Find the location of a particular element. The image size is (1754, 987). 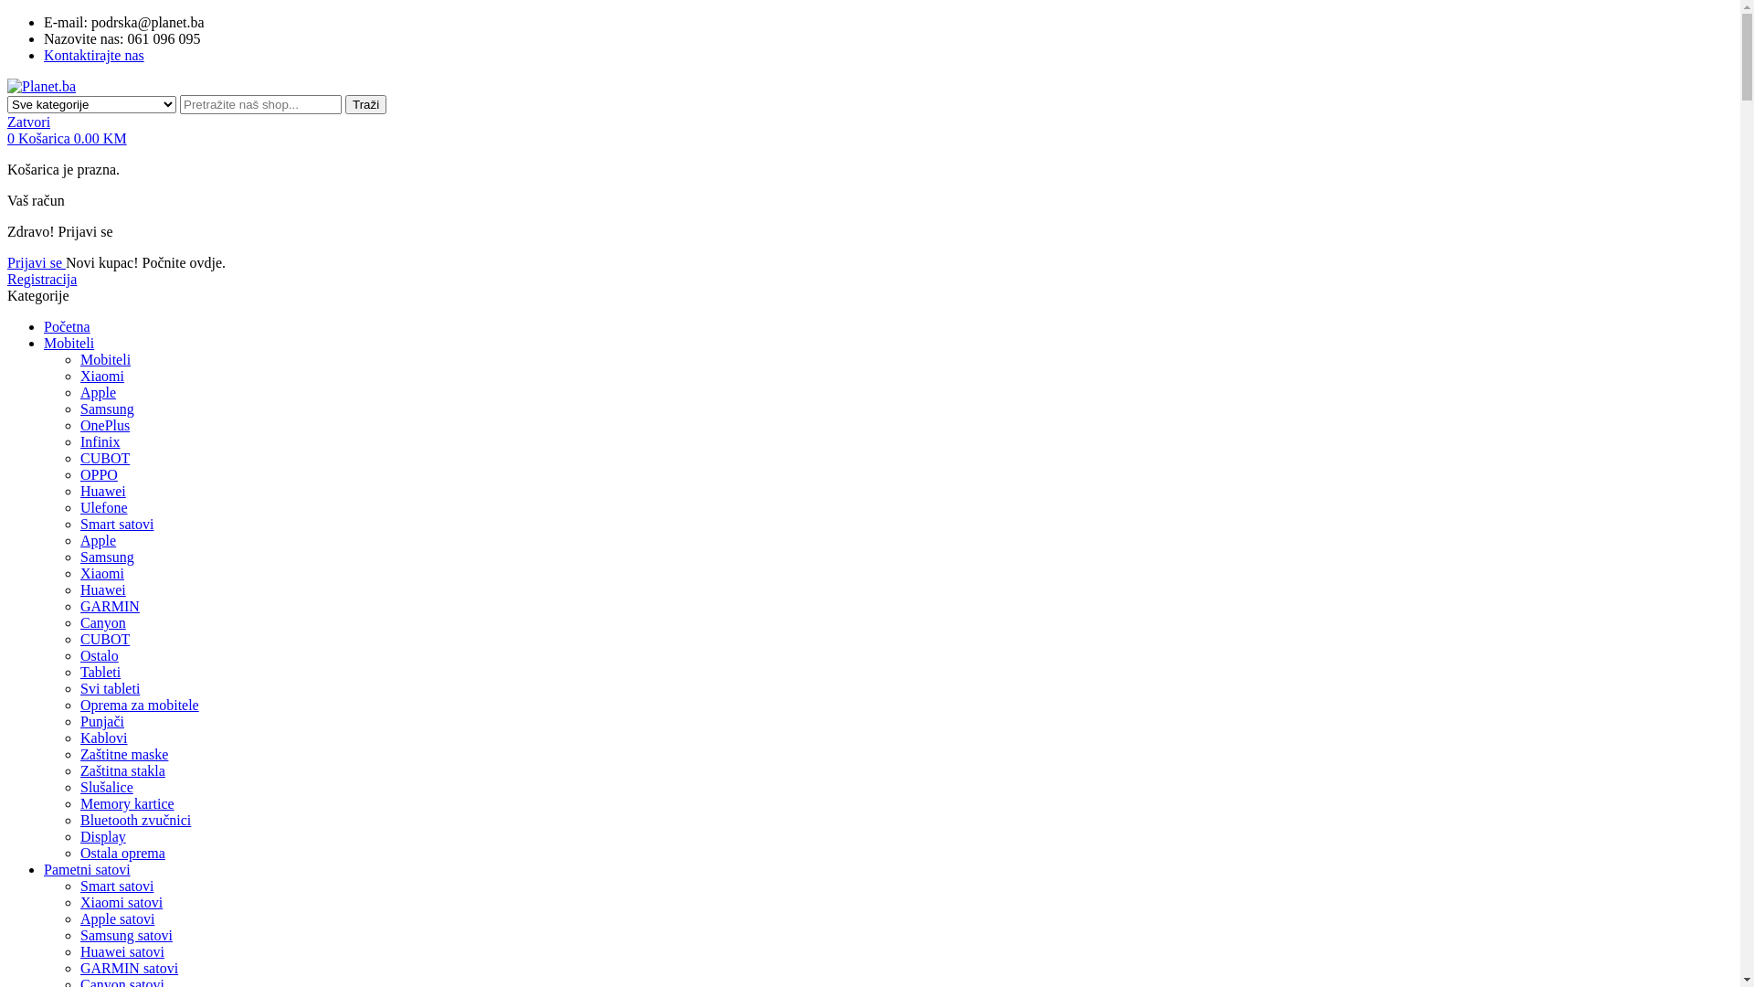

'Zatvori' is located at coordinates (28, 122).